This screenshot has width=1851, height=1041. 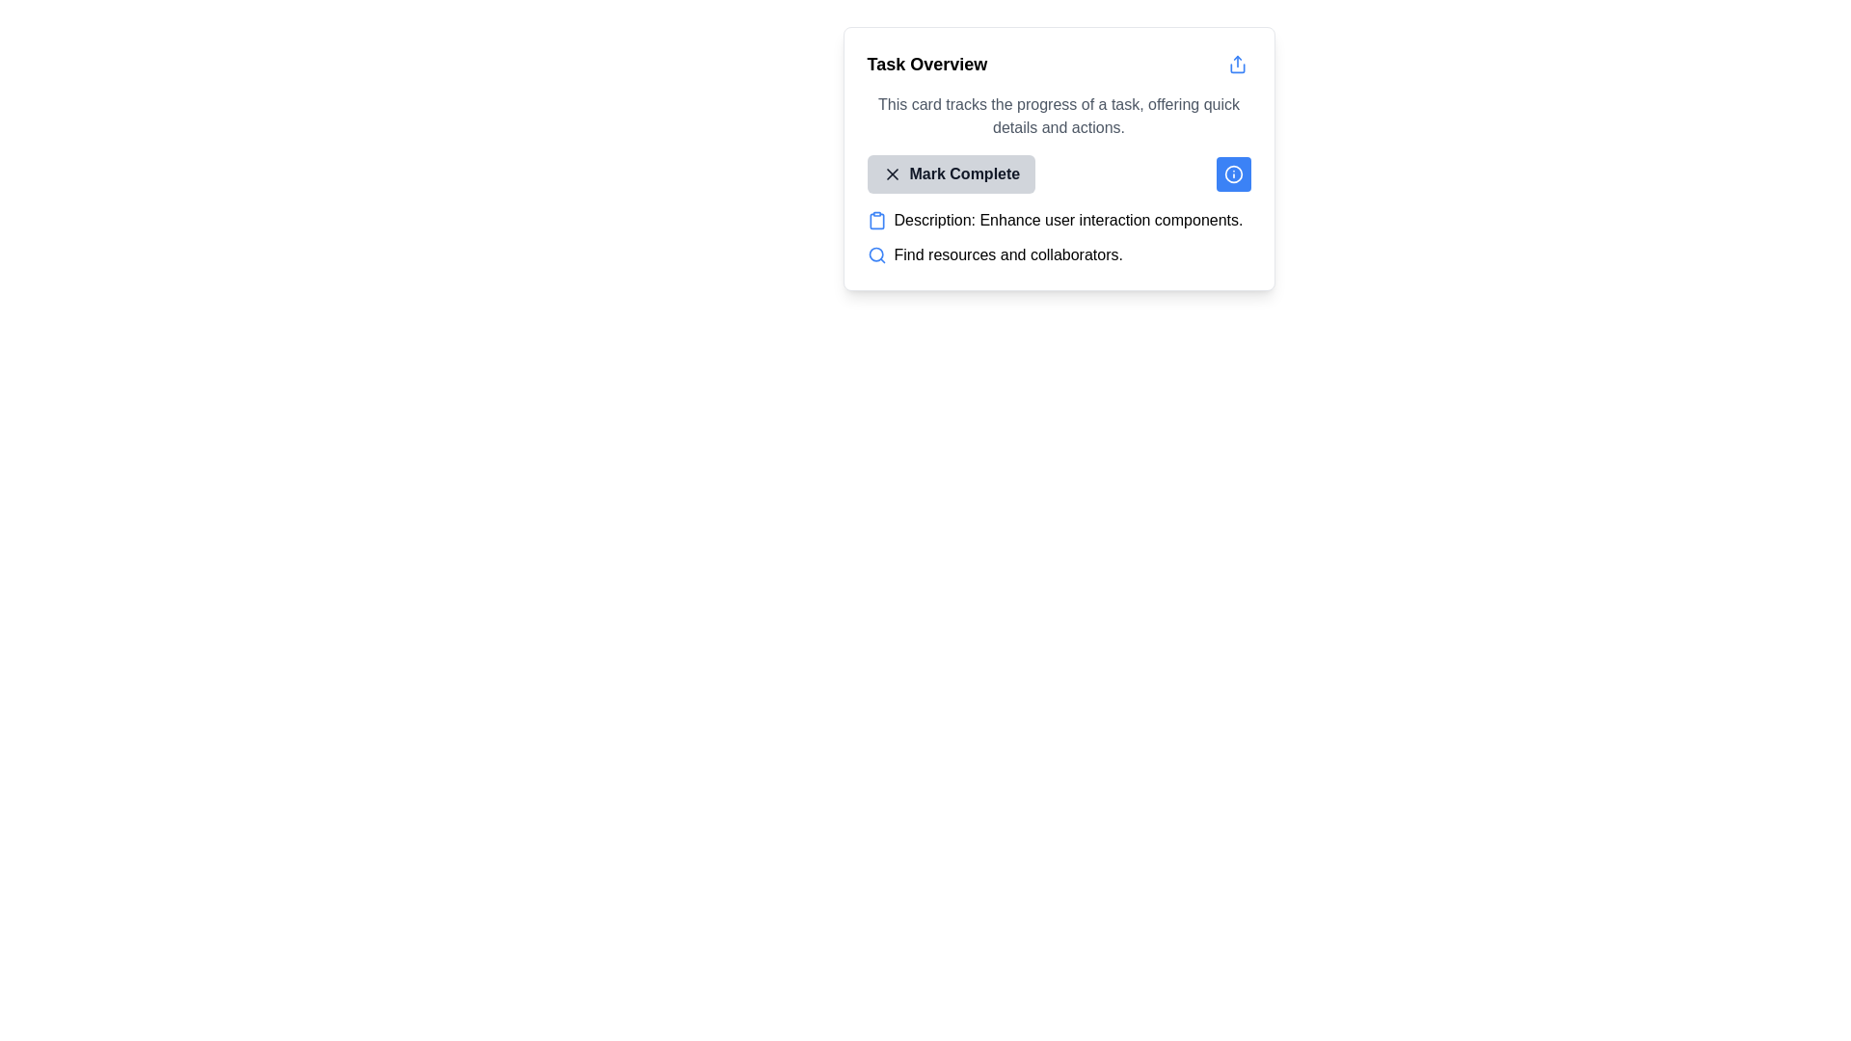 I want to click on the information indicator icon located within the blue button in the top-right section of the 'Task Overview' card, so click(x=1232, y=174).